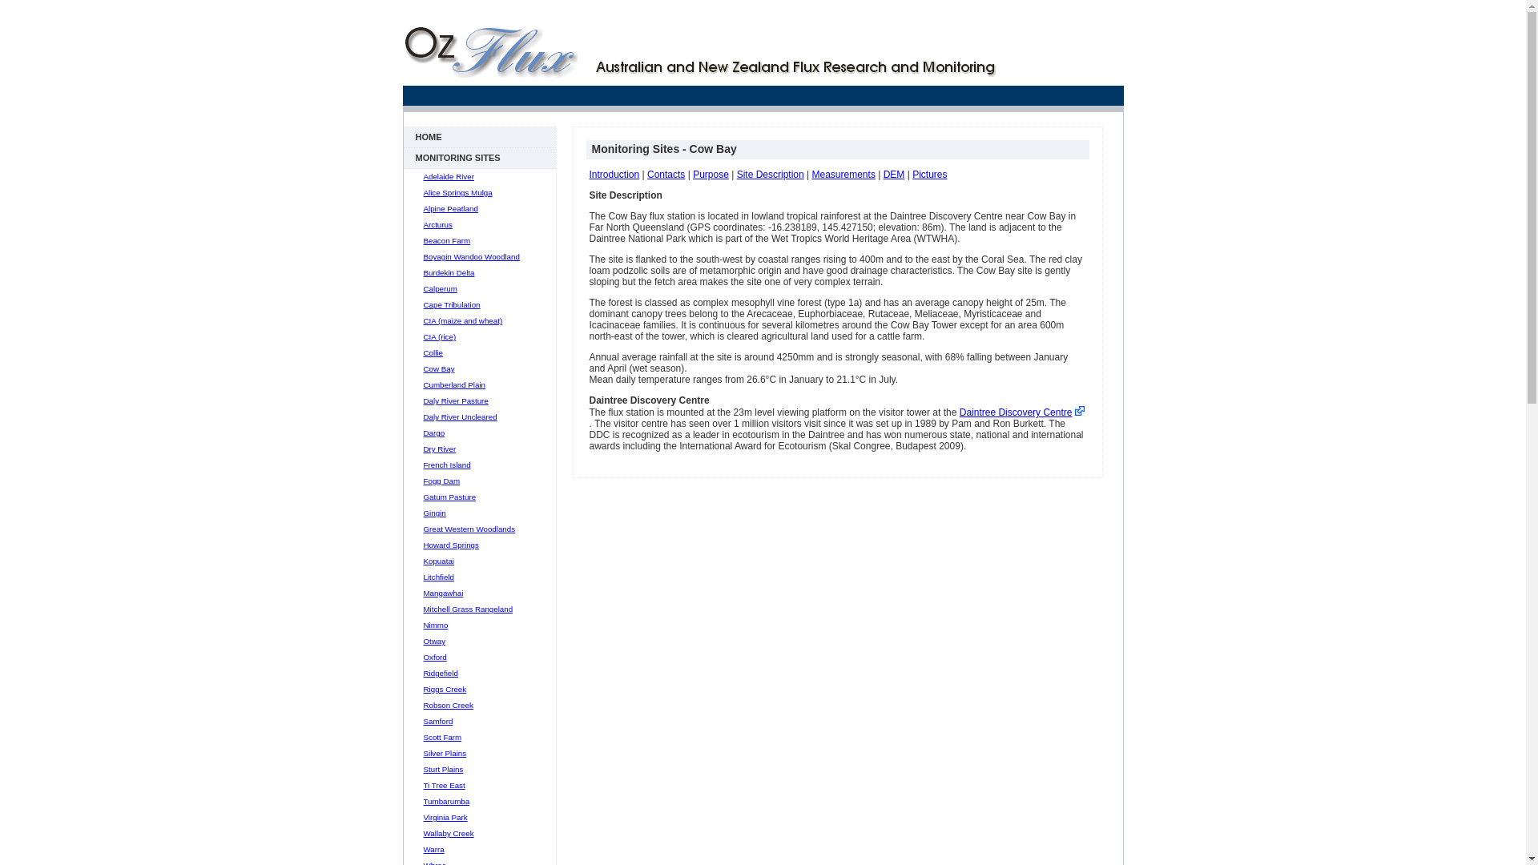 This screenshot has width=1538, height=865. Describe the element at coordinates (1015, 412) in the screenshot. I see `'Daintree Discovery Centre'` at that location.